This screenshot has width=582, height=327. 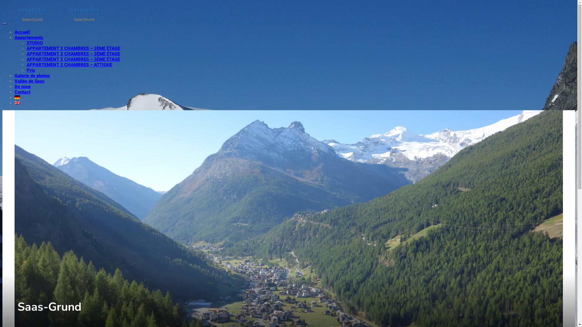 I want to click on 'STUDIO', so click(x=34, y=43).